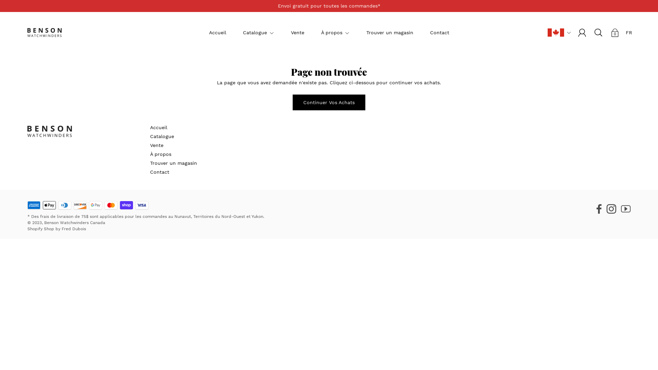 The image size is (658, 370). Describe the element at coordinates (329, 102) in the screenshot. I see `'Continuer Vos Achats'` at that location.